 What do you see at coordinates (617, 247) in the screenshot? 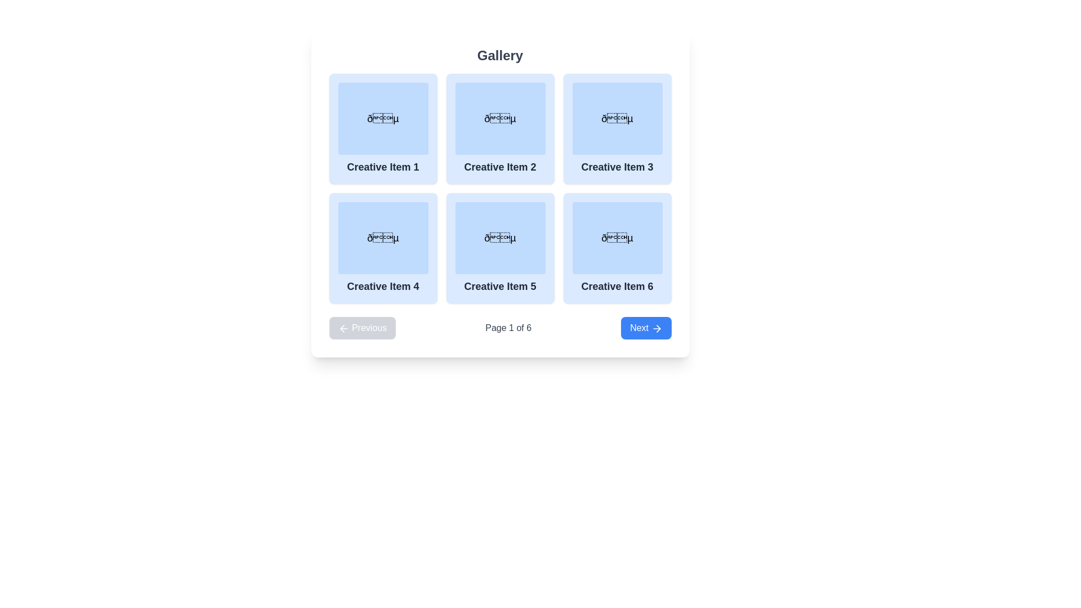
I see `the clickable card element labeled 'Creative Item 6', which is styled with a light blue background and rounded corners, located at the bottom right corner of the grid` at bounding box center [617, 247].